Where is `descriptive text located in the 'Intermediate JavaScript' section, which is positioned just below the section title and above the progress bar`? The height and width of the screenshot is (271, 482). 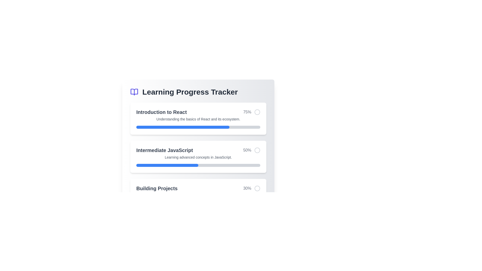 descriptive text located in the 'Intermediate JavaScript' section, which is positioned just below the section title and above the progress bar is located at coordinates (198, 157).